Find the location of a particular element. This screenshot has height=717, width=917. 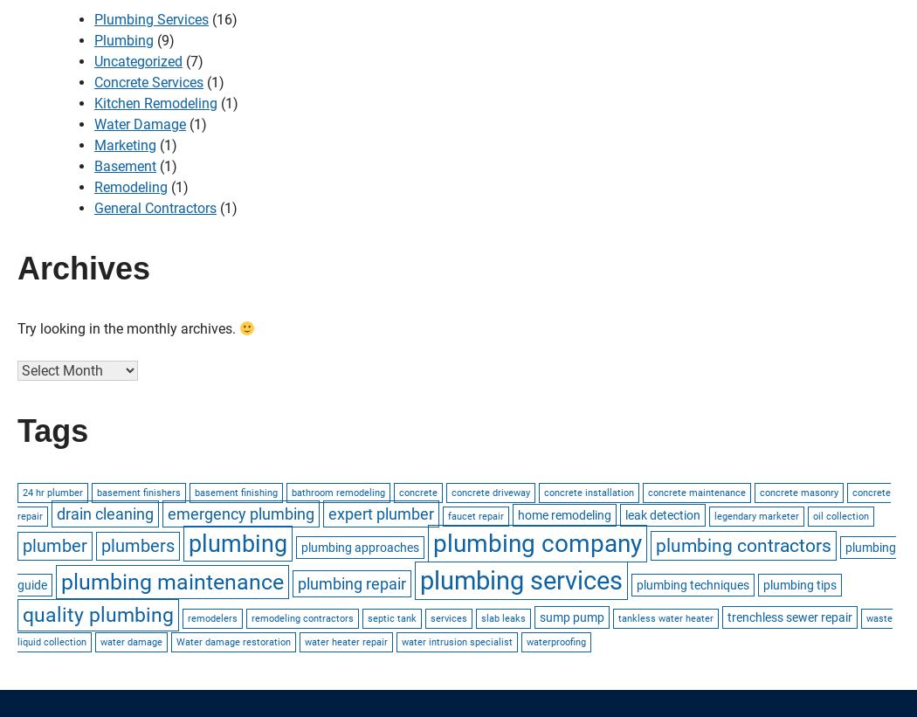

'(7)' is located at coordinates (192, 61).